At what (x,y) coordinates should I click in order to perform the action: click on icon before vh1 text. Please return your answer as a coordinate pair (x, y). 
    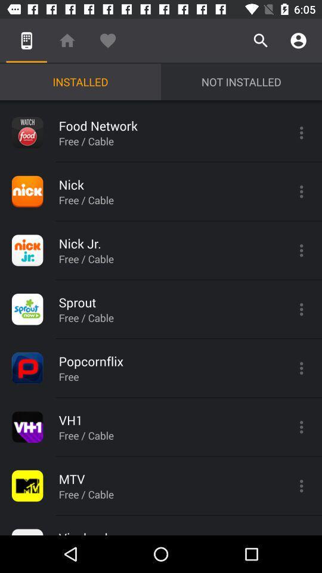
    Looking at the image, I should click on (27, 427).